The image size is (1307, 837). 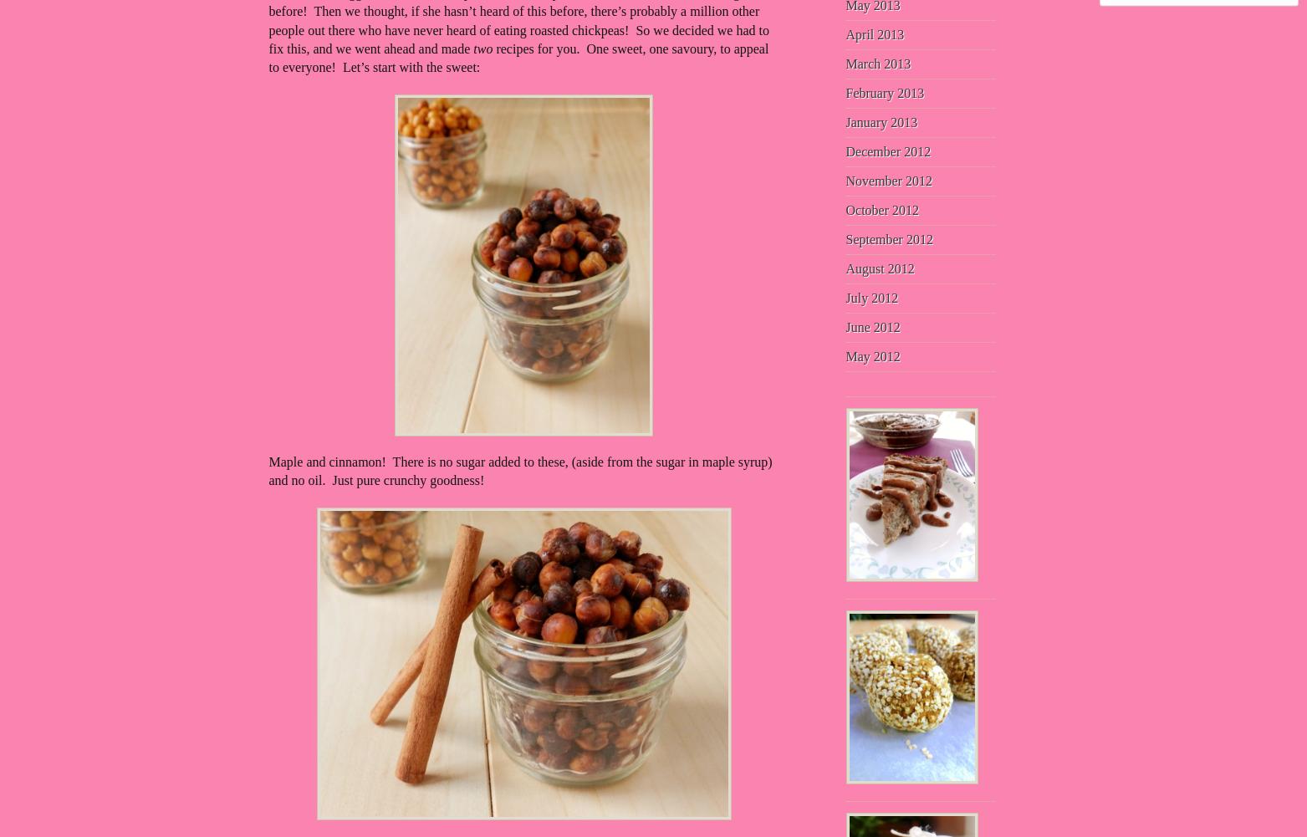 I want to click on 'February 2013', so click(x=884, y=91).